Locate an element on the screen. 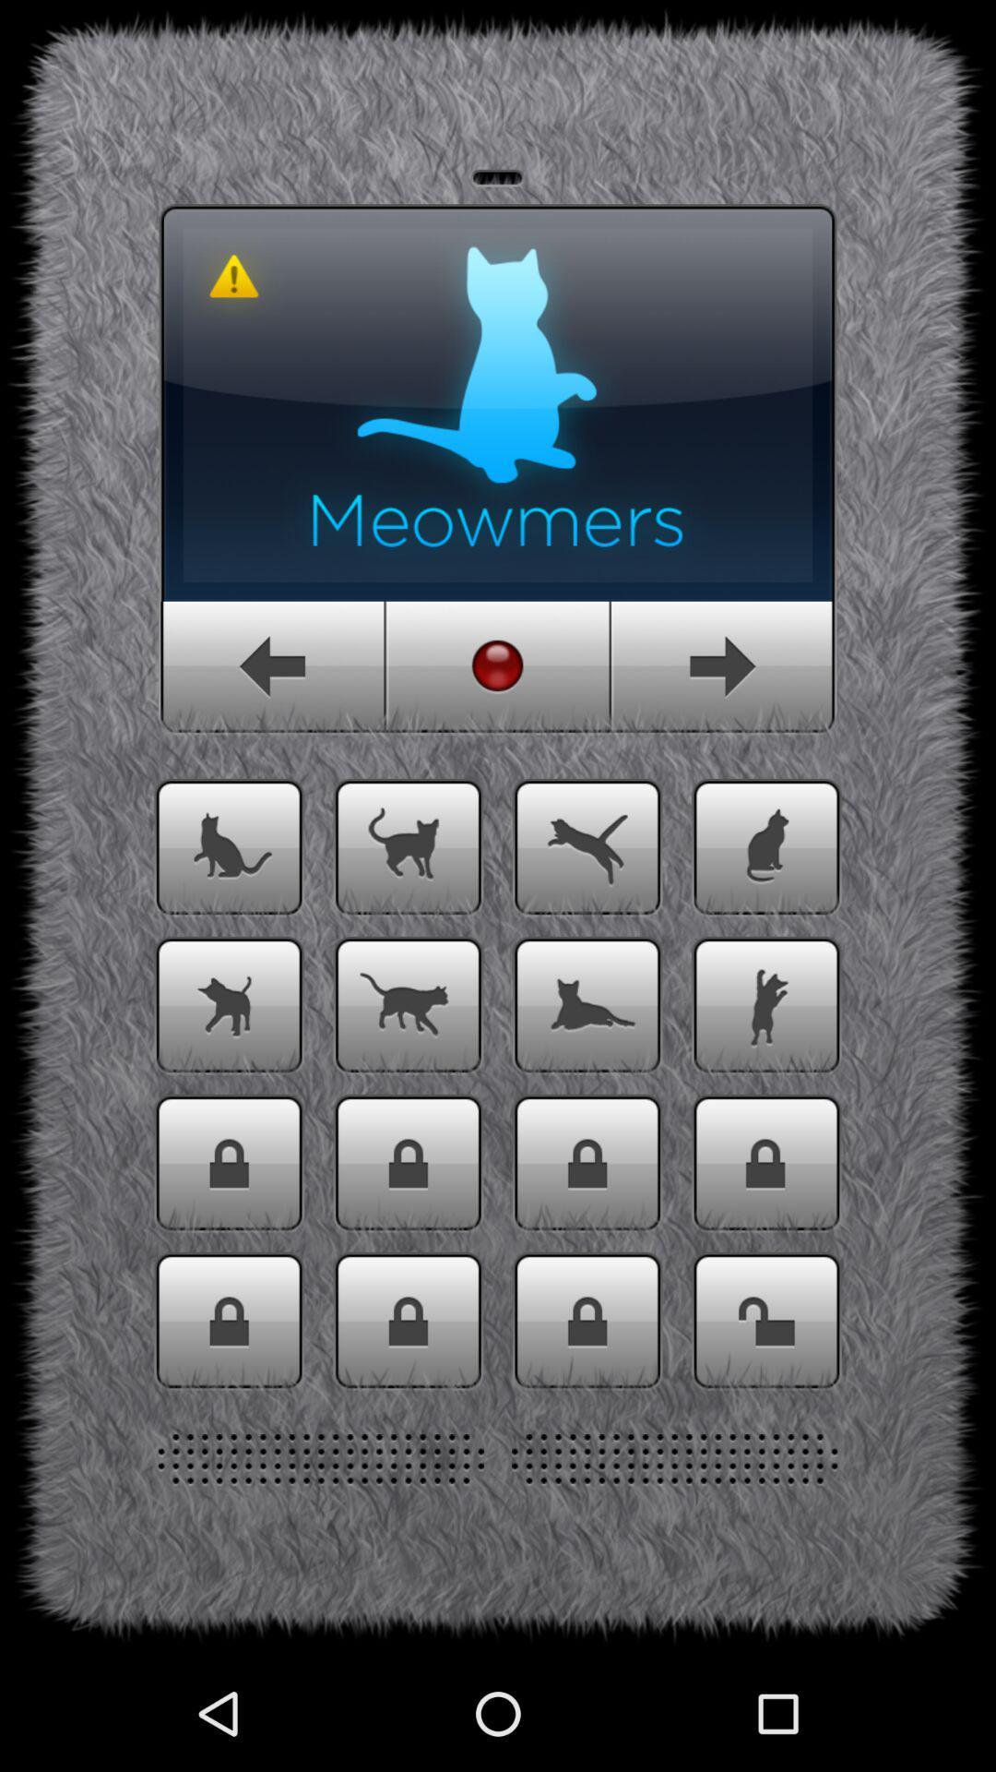 This screenshot has height=1772, width=996. the lock icon is located at coordinates (407, 1255).